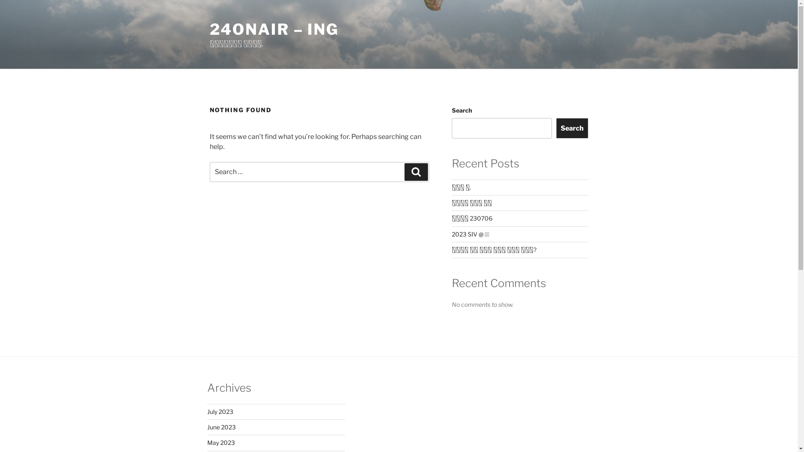  Describe the element at coordinates (416, 172) in the screenshot. I see `'Search'` at that location.